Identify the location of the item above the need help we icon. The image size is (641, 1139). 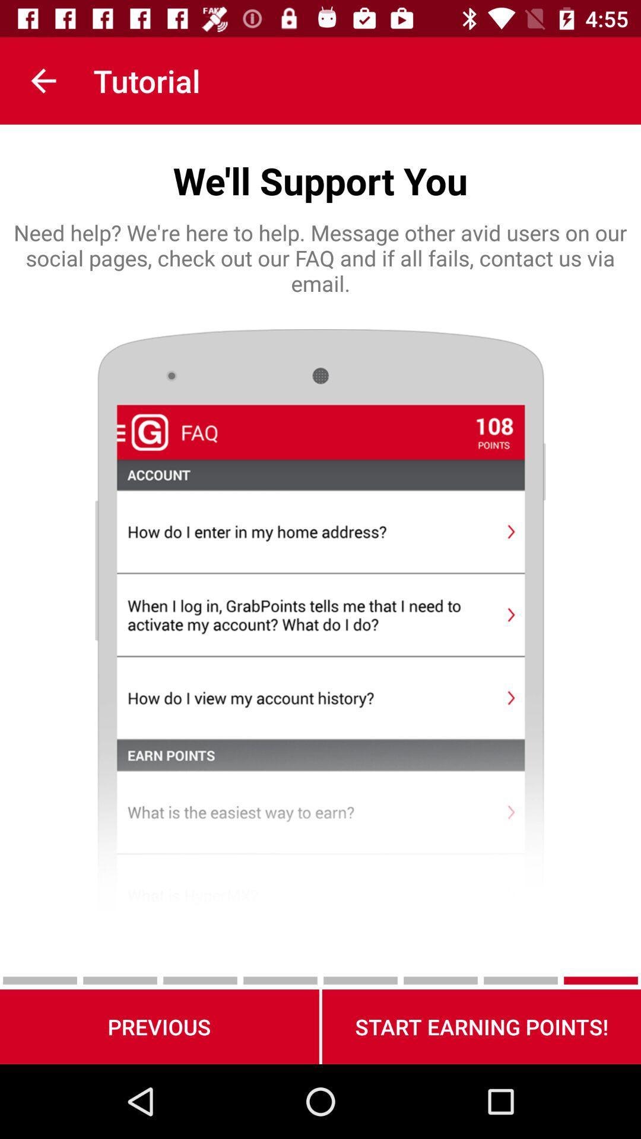
(43, 80).